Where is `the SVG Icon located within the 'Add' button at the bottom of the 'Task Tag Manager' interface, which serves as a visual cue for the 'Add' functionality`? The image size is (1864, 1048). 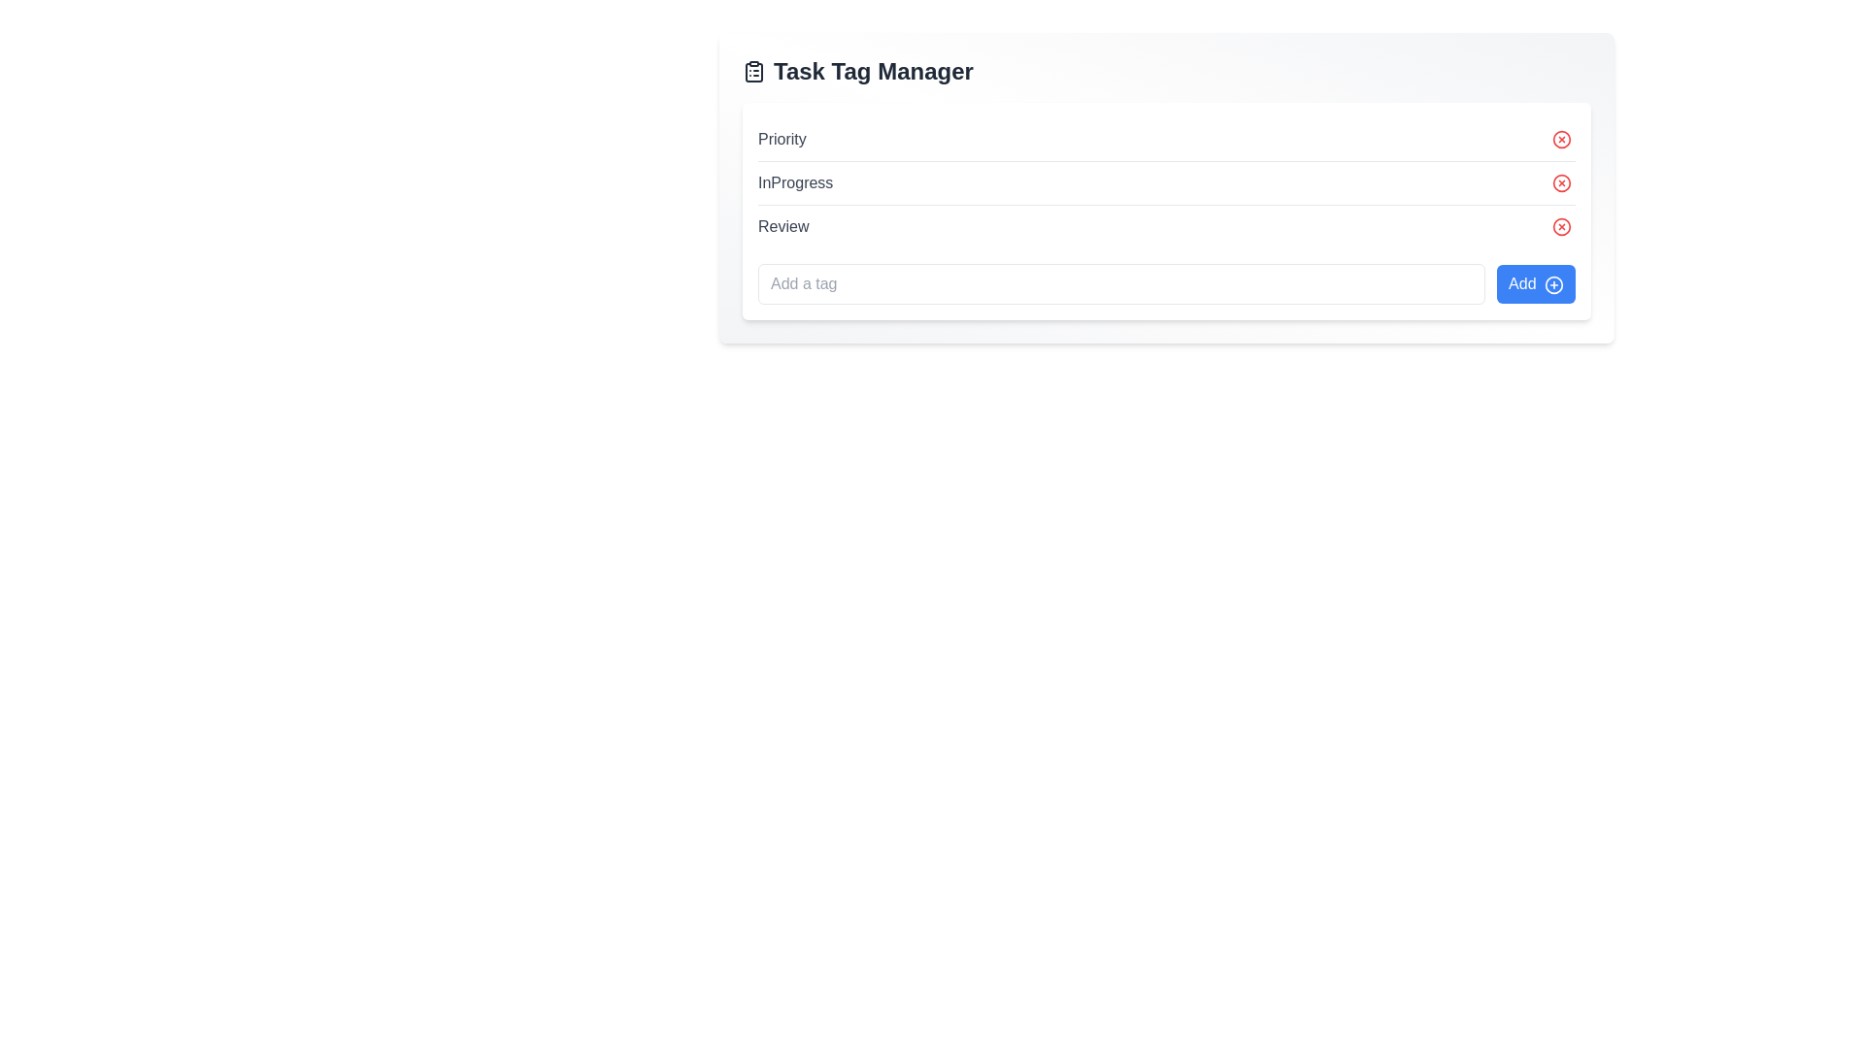
the SVG Icon located within the 'Add' button at the bottom of the 'Task Tag Manager' interface, which serves as a visual cue for the 'Add' functionality is located at coordinates (1554, 284).